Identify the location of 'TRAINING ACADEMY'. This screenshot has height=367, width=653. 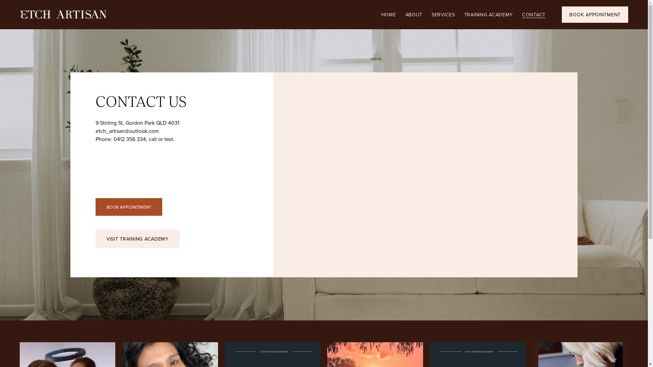
(488, 14).